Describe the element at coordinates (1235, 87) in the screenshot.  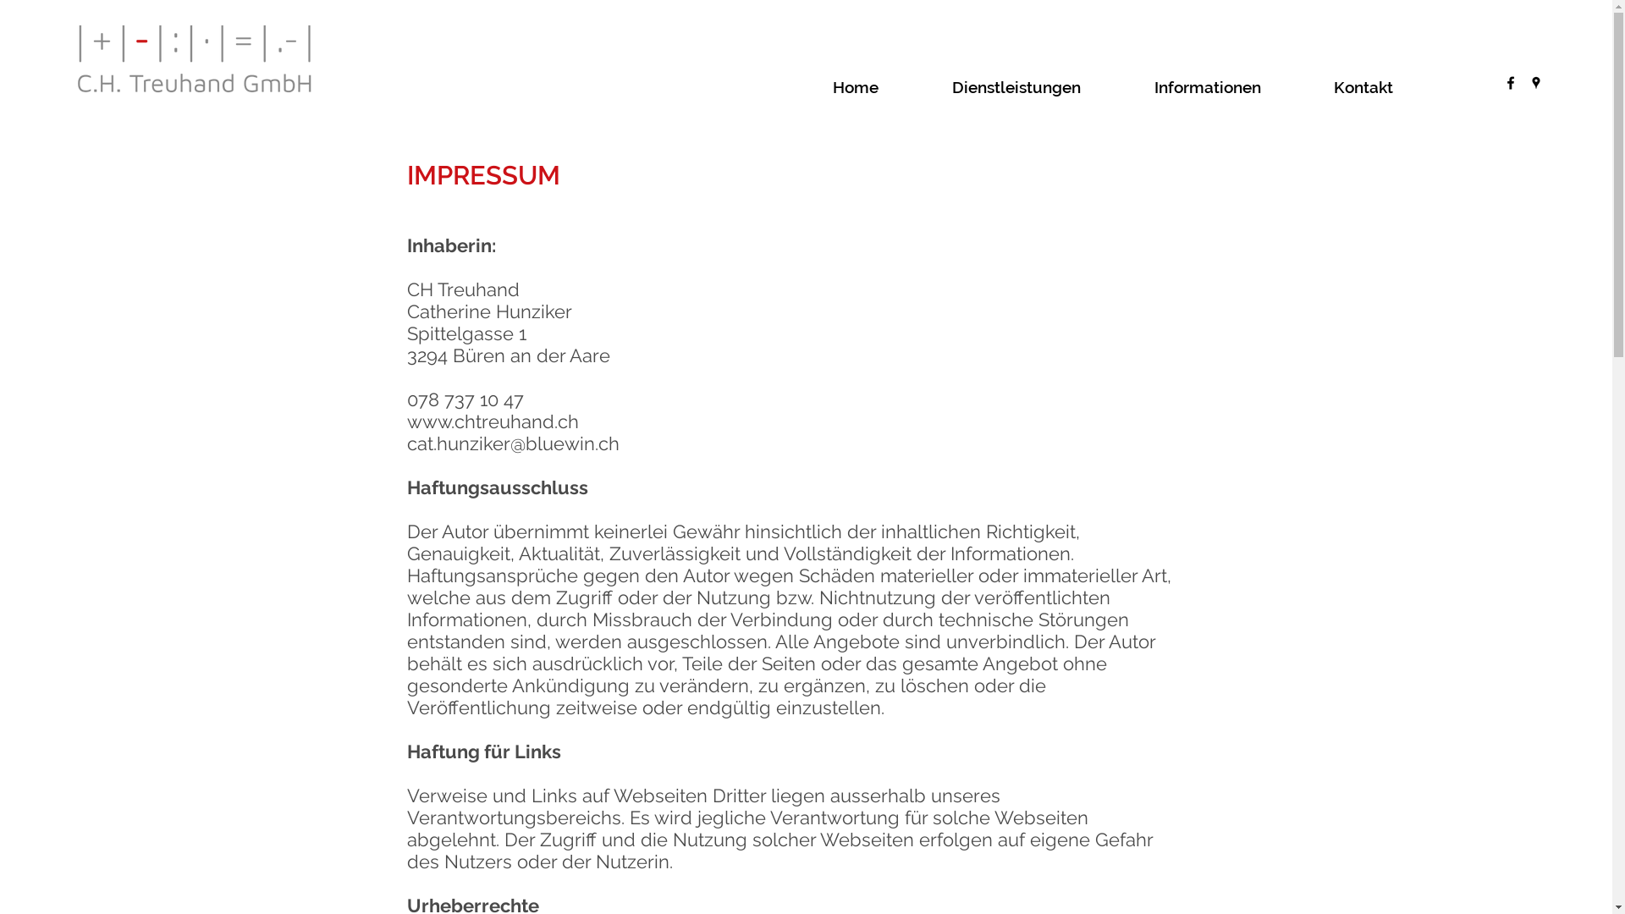
I see `'Informationen'` at that location.